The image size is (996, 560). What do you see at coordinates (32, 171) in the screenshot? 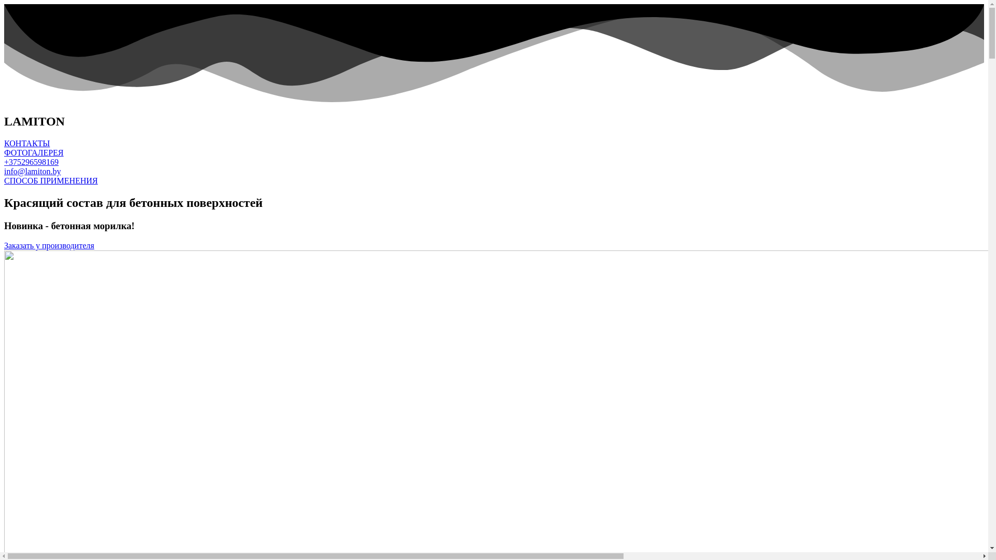
I see `'info@lamiton.by'` at bounding box center [32, 171].